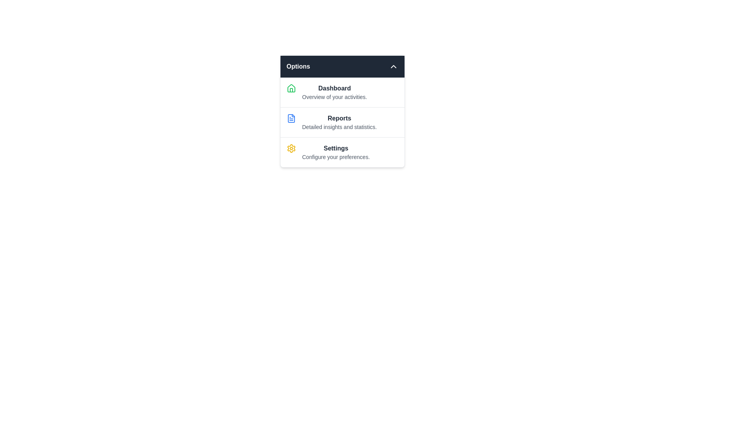  Describe the element at coordinates (334, 97) in the screenshot. I see `text string that says 'Overview of your activities.' which is styled in gray and positioned beneath the bold 'Dashboard' heading` at that location.